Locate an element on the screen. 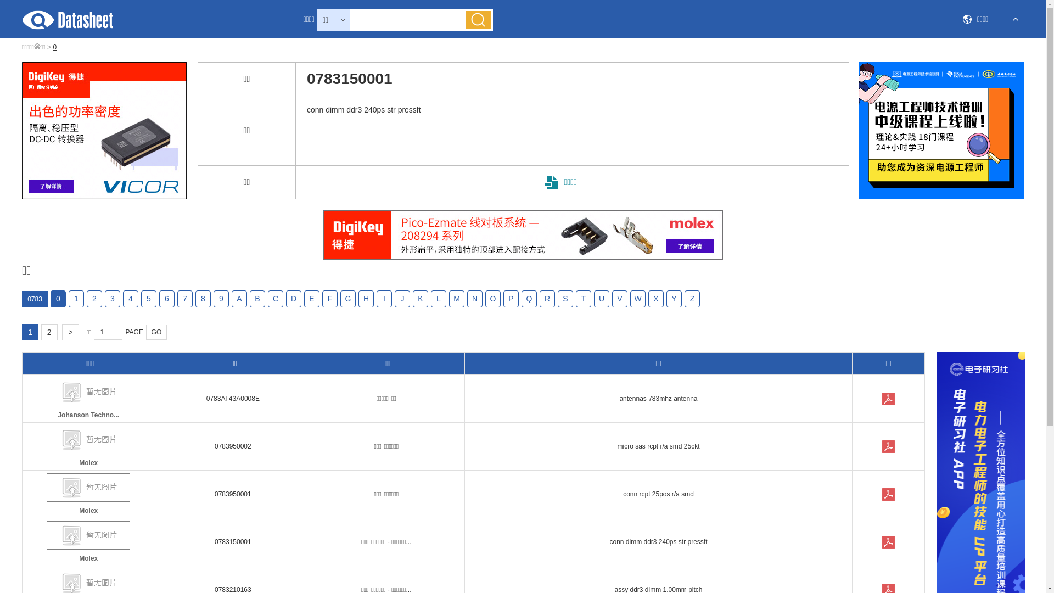  '8' is located at coordinates (203, 299).